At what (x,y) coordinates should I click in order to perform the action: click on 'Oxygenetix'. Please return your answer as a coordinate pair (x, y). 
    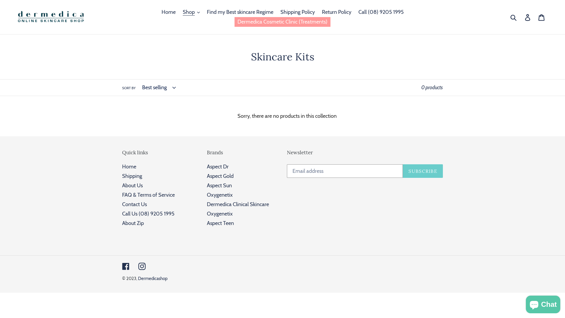
    Looking at the image, I should click on (219, 195).